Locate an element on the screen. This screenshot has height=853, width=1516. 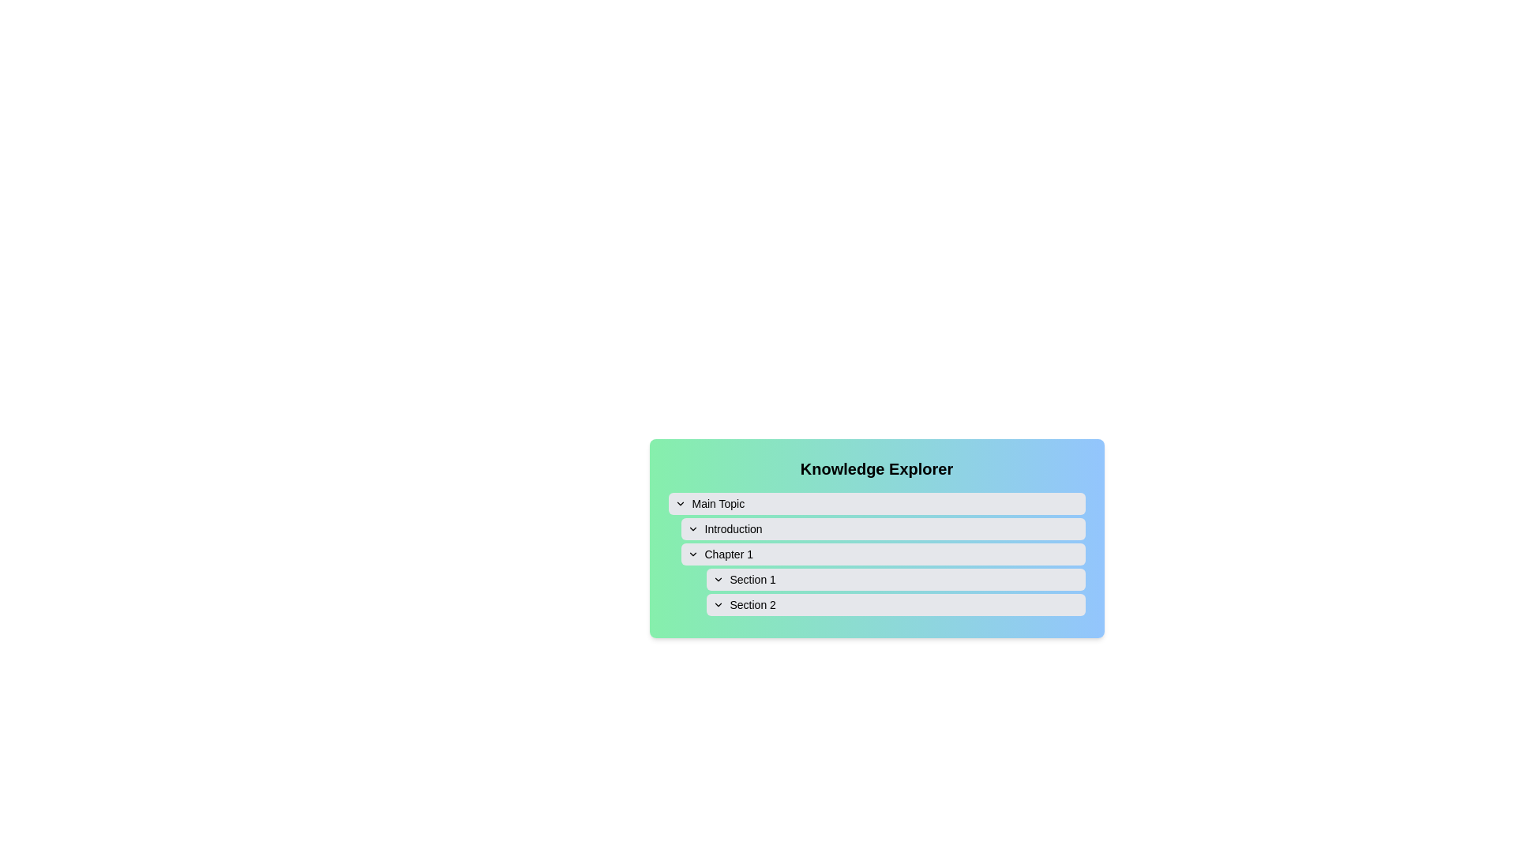
the icon that indicates the expandable or collapsible state of 'Section 1' is located at coordinates (717, 579).